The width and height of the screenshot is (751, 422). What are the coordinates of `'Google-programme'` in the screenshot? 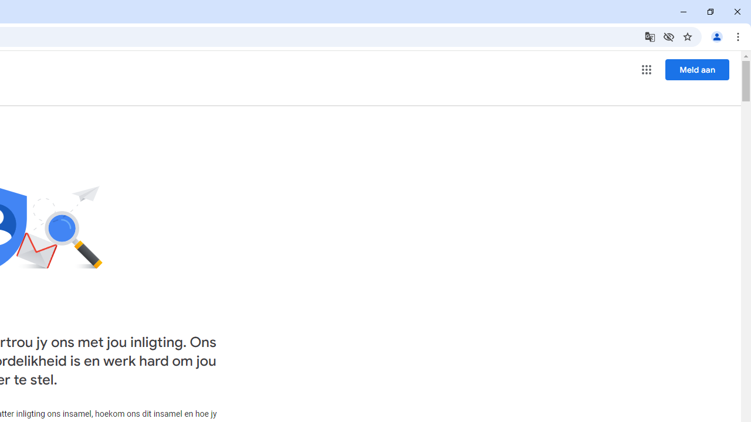 It's located at (646, 70).